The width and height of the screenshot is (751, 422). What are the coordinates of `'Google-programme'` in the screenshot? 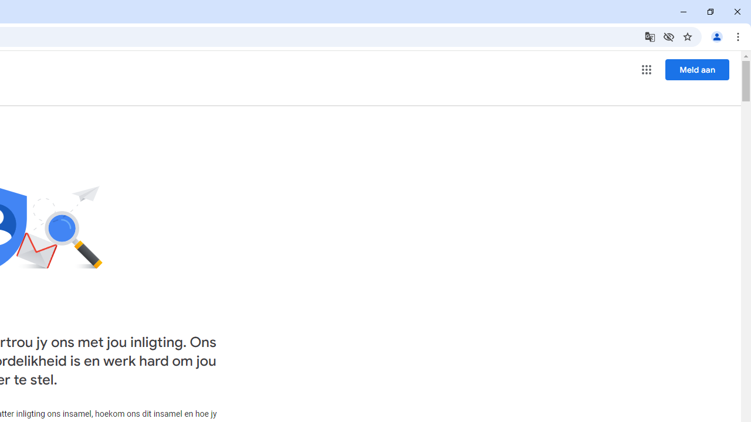 It's located at (646, 70).